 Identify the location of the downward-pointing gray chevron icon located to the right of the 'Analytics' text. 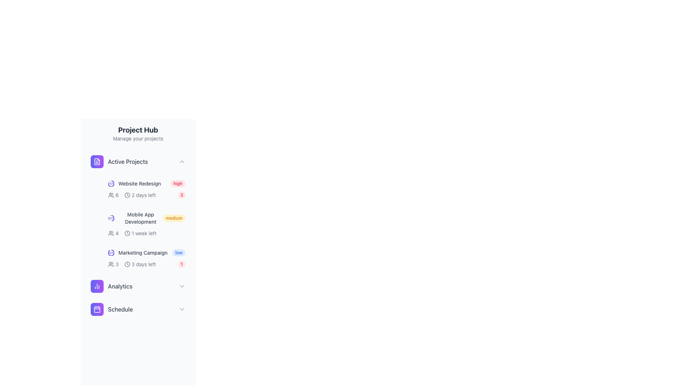
(182, 286).